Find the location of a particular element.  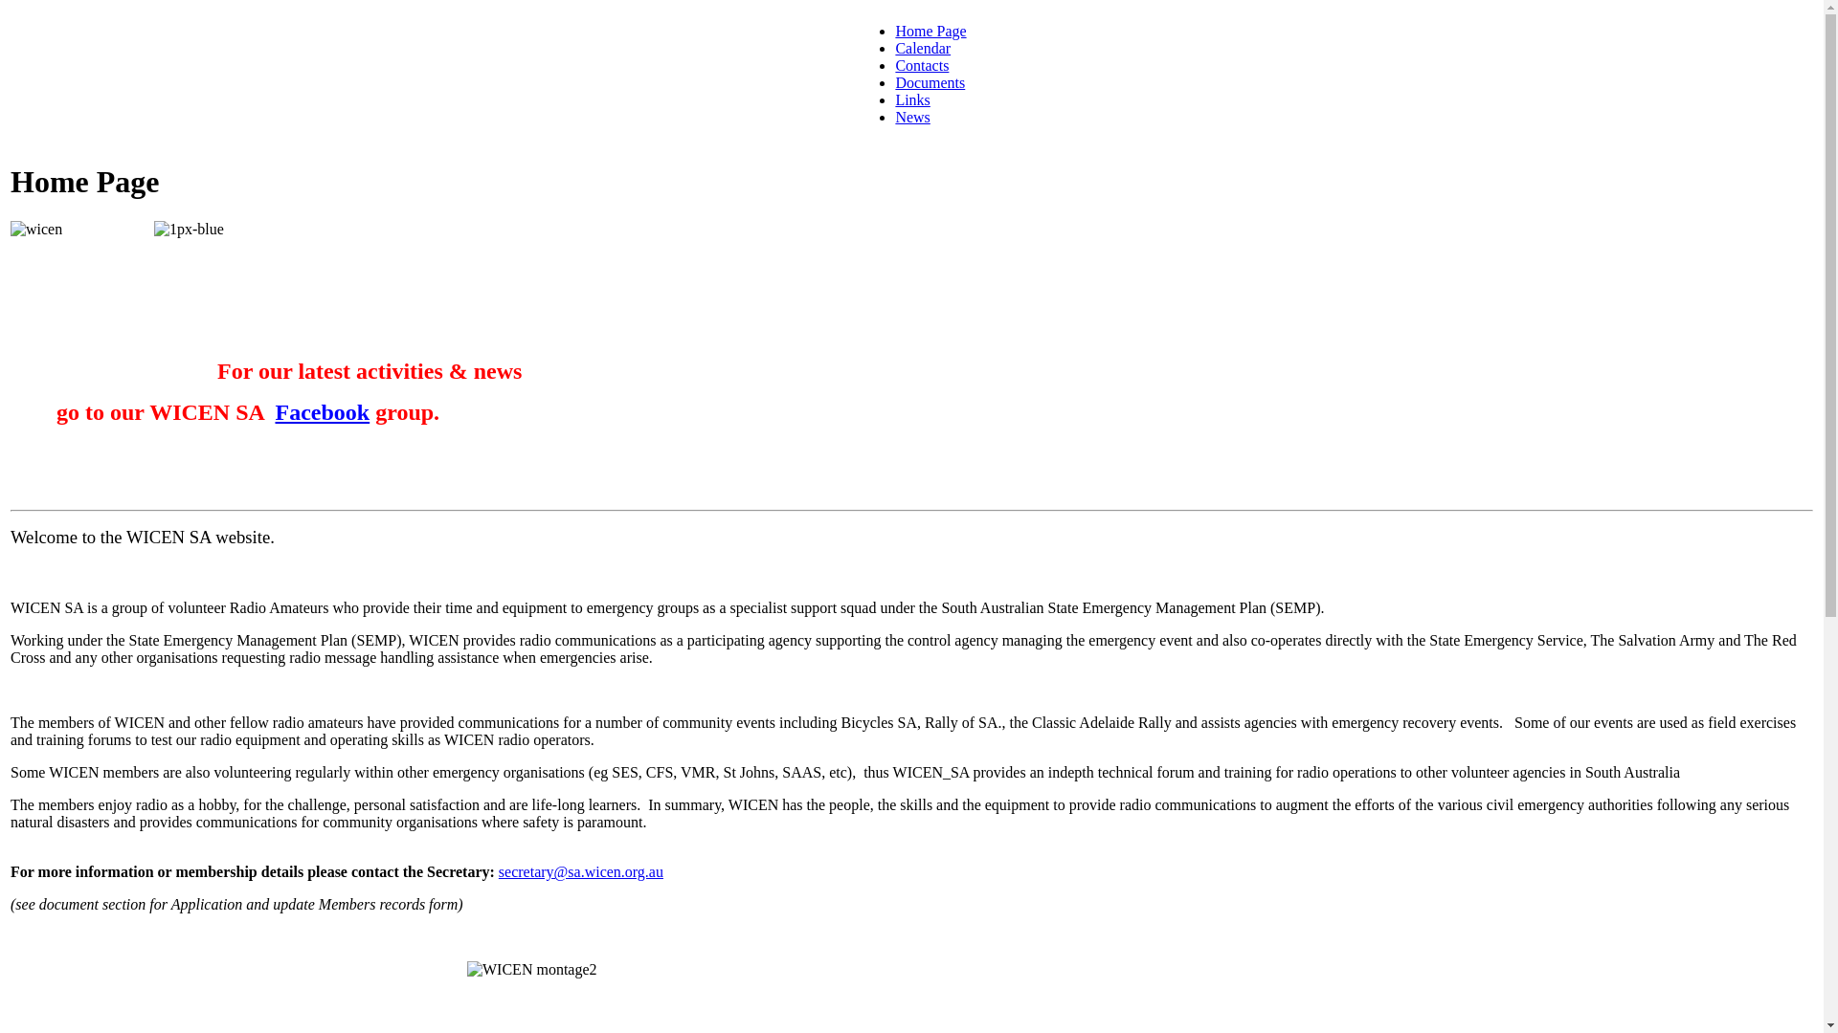

'Links' is located at coordinates (911, 99).